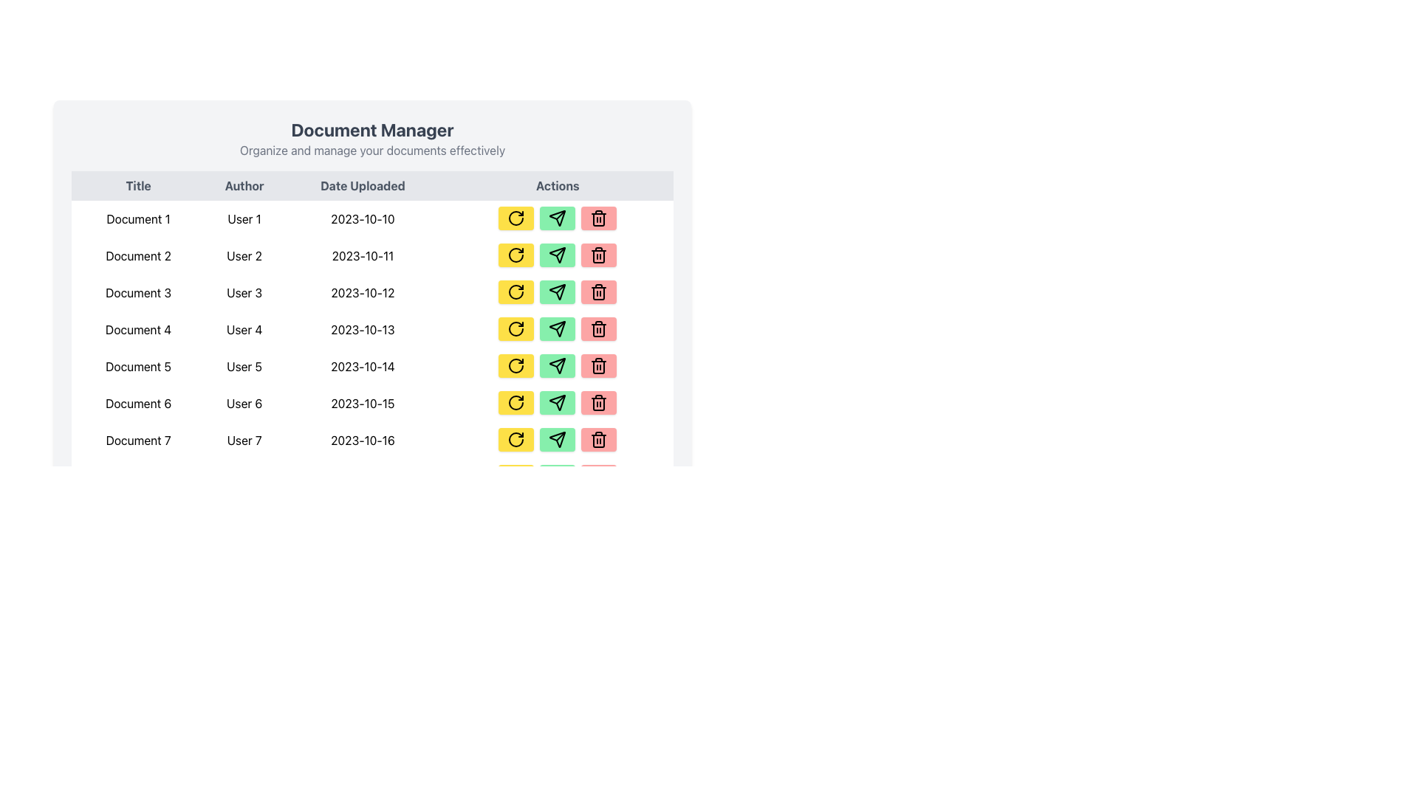  I want to click on the text label styled with a bold typeface displaying the word 'Title', which is the leftmost header in a table-like structure, so click(138, 184).